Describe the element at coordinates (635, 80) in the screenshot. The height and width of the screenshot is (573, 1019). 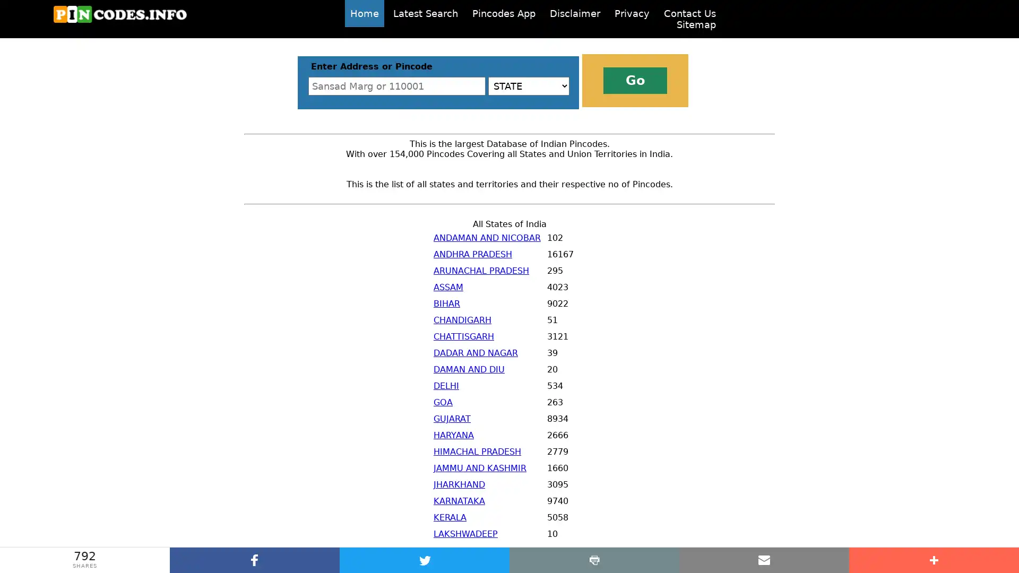
I see `Go` at that location.